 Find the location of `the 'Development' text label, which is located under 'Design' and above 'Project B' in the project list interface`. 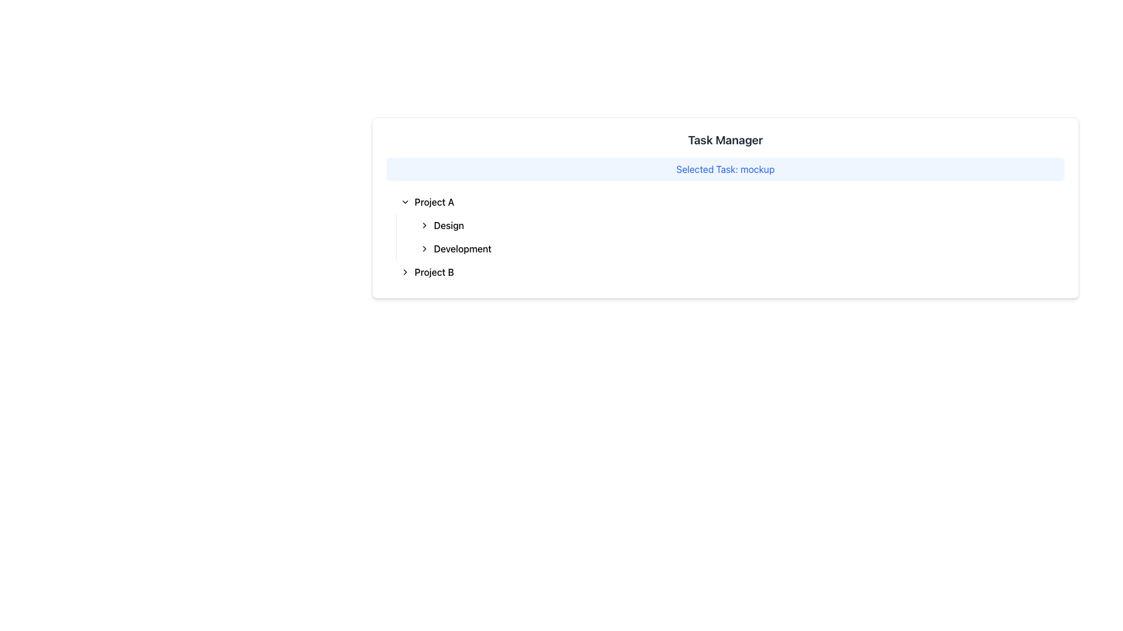

the 'Development' text label, which is located under 'Design' and above 'Project B' in the project list interface is located at coordinates (462, 248).